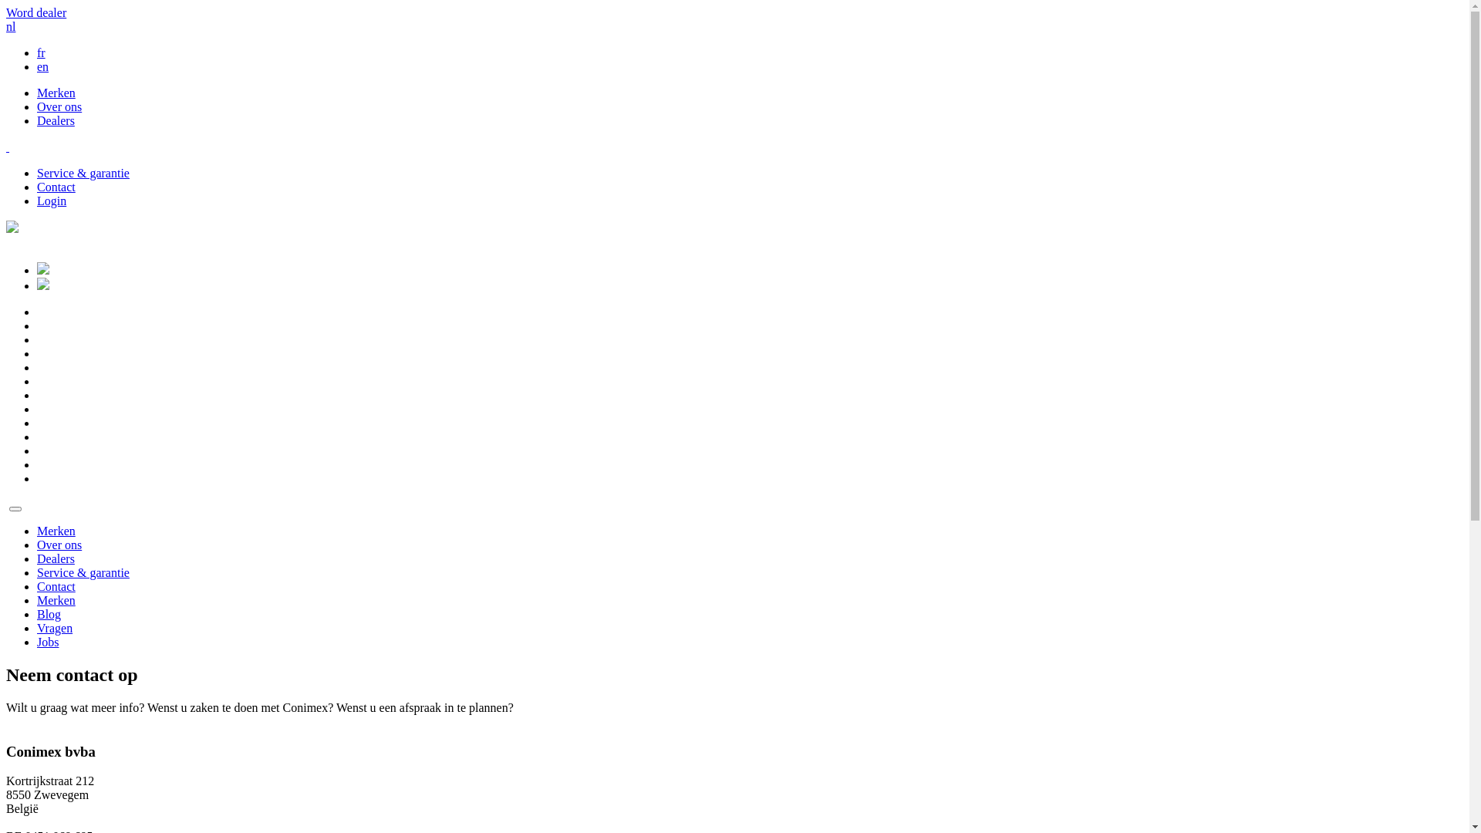 The width and height of the screenshot is (1481, 833). What do you see at coordinates (37, 186) in the screenshot?
I see `'Contact'` at bounding box center [37, 186].